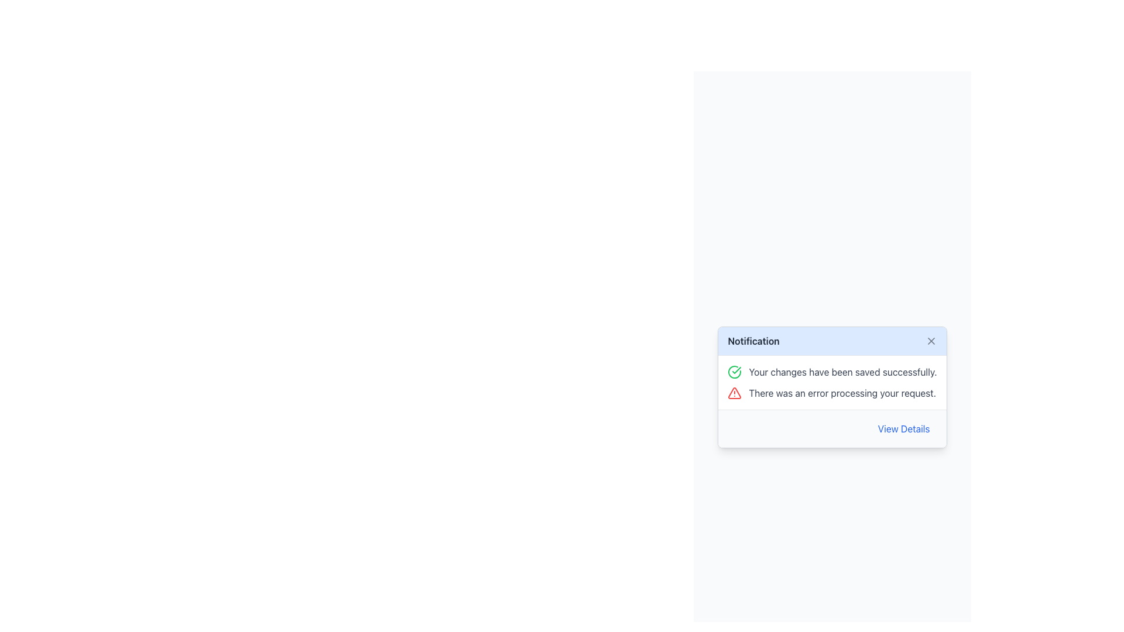 This screenshot has height=632, width=1124. What do you see at coordinates (831, 393) in the screenshot?
I see `the second row in the notification box that displays the error message 'There was an error processing your request.' with a red triangle icon on the left` at bounding box center [831, 393].